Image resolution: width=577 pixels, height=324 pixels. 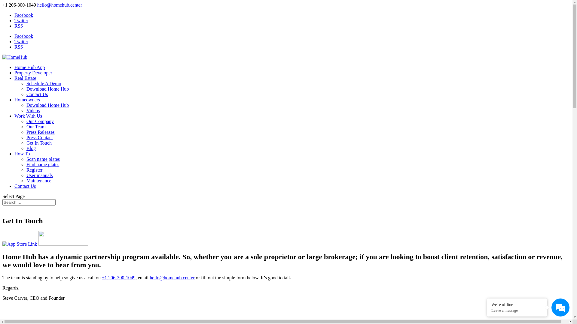 What do you see at coordinates (172, 277) in the screenshot?
I see `'hello@homehub.center'` at bounding box center [172, 277].